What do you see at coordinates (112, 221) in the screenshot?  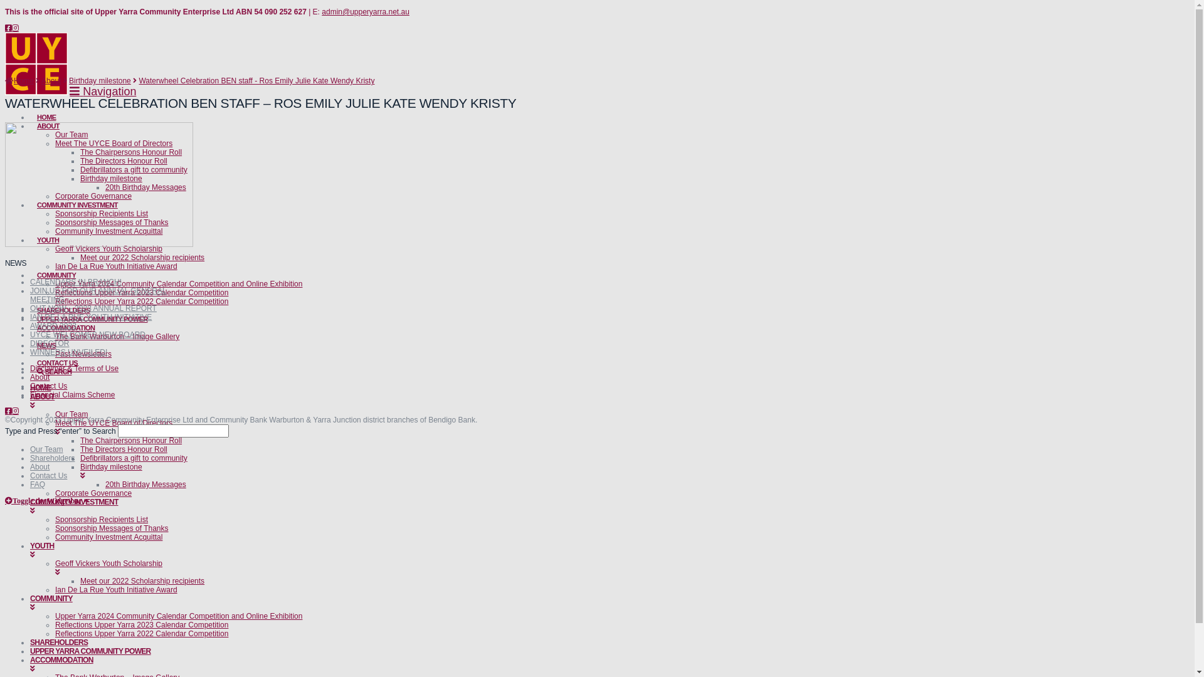 I see `'Sponsorship Messages of Thanks'` at bounding box center [112, 221].